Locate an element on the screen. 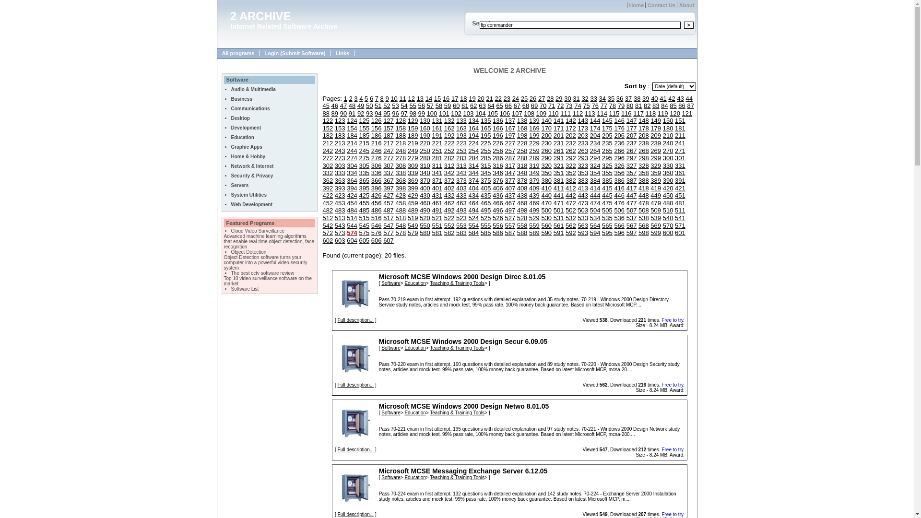 This screenshot has width=921, height=518. '465' is located at coordinates (485, 202).